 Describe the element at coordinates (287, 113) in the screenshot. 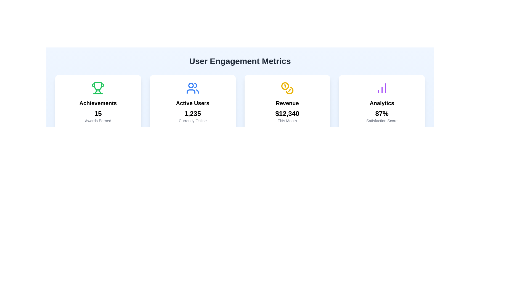

I see `the text element that displays the revenue amount, which is located centrally beneath the 'Revenue' heading in the 'Revenue' card` at that location.